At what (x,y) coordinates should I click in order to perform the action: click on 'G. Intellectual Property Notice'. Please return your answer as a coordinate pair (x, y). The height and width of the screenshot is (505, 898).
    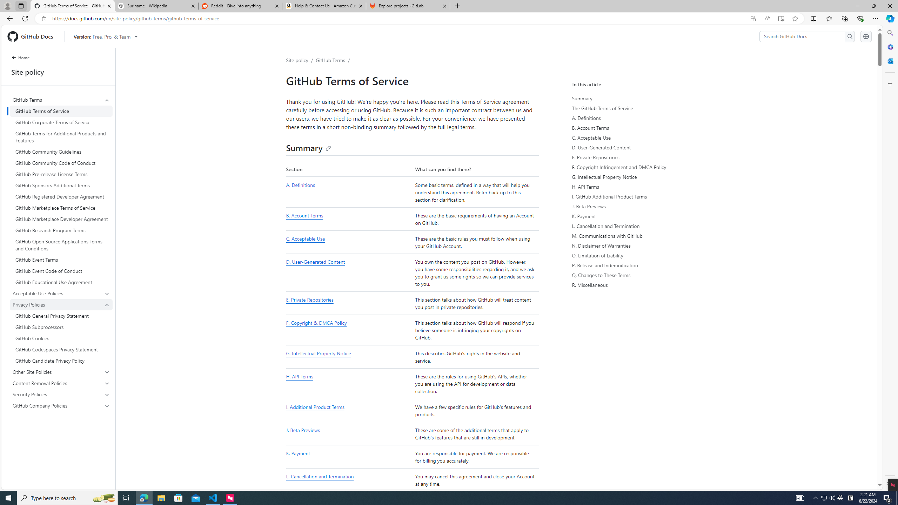
    Looking at the image, I should click on (349, 357).